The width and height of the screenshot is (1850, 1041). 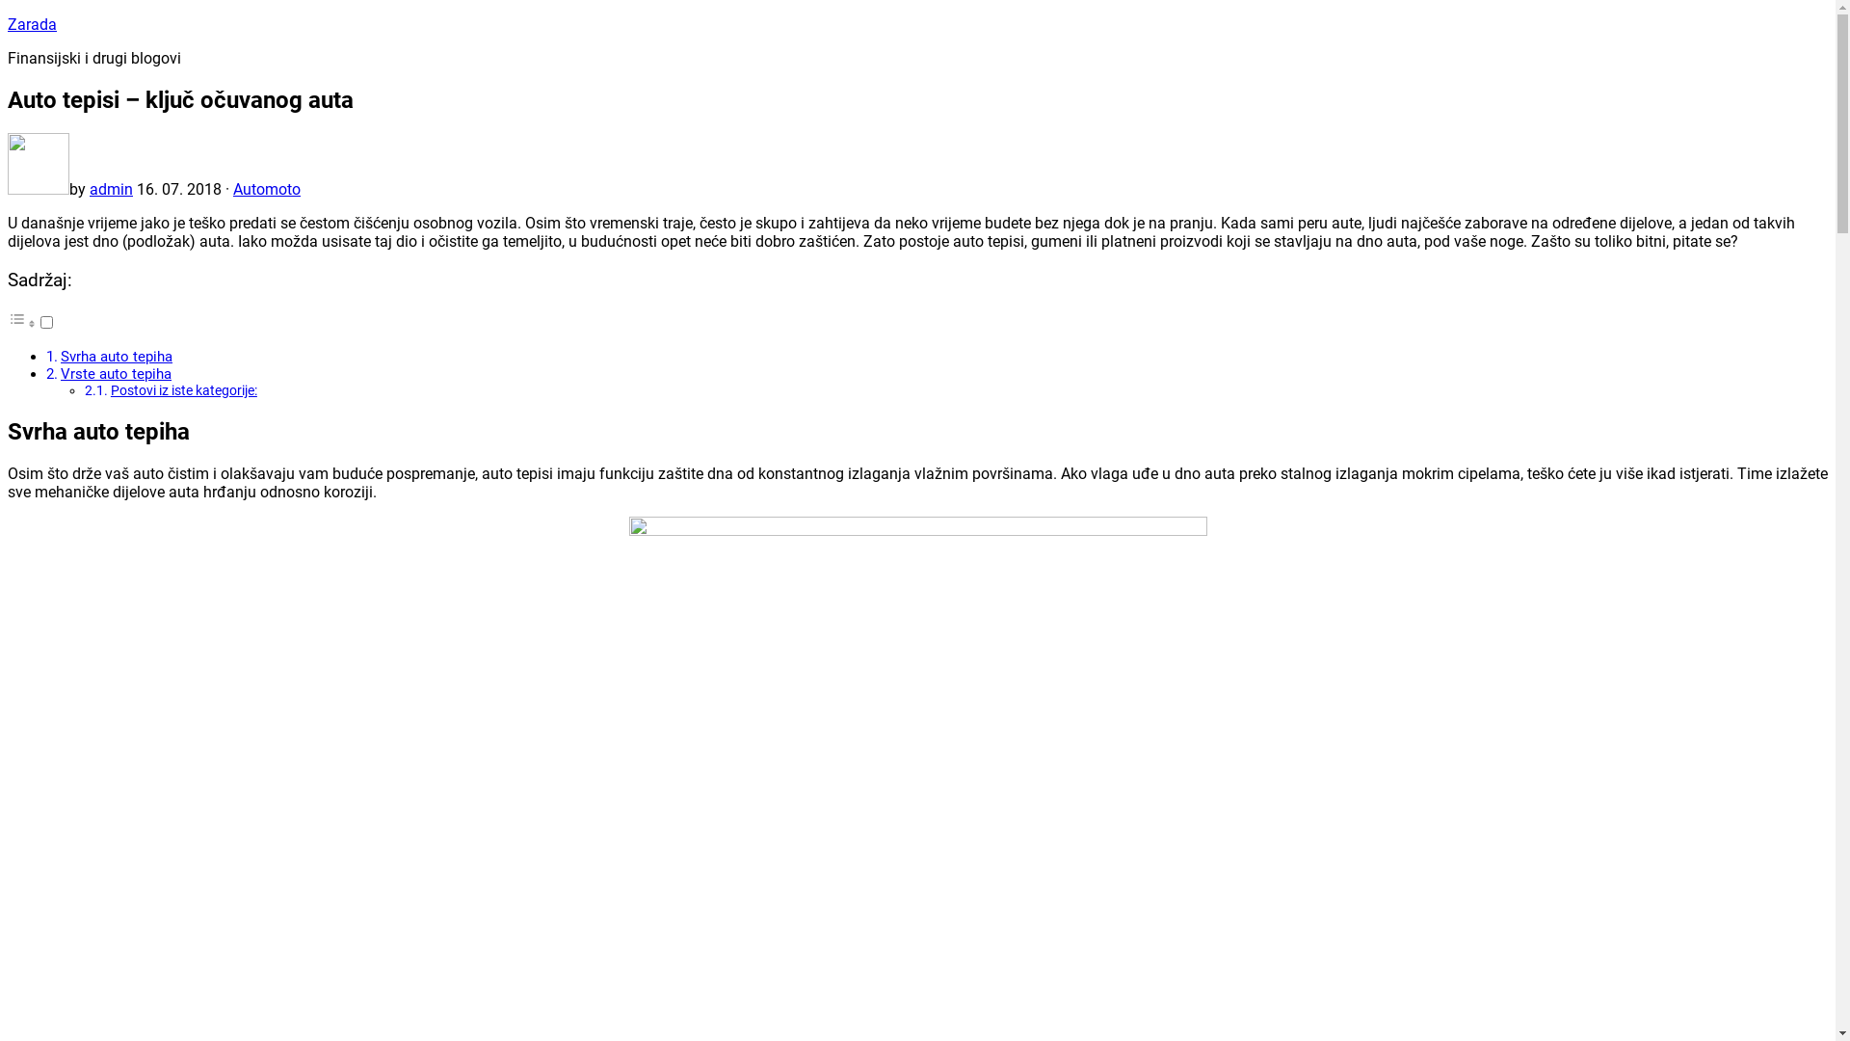 What do you see at coordinates (115, 357) in the screenshot?
I see `'Svrha auto tepiha'` at bounding box center [115, 357].